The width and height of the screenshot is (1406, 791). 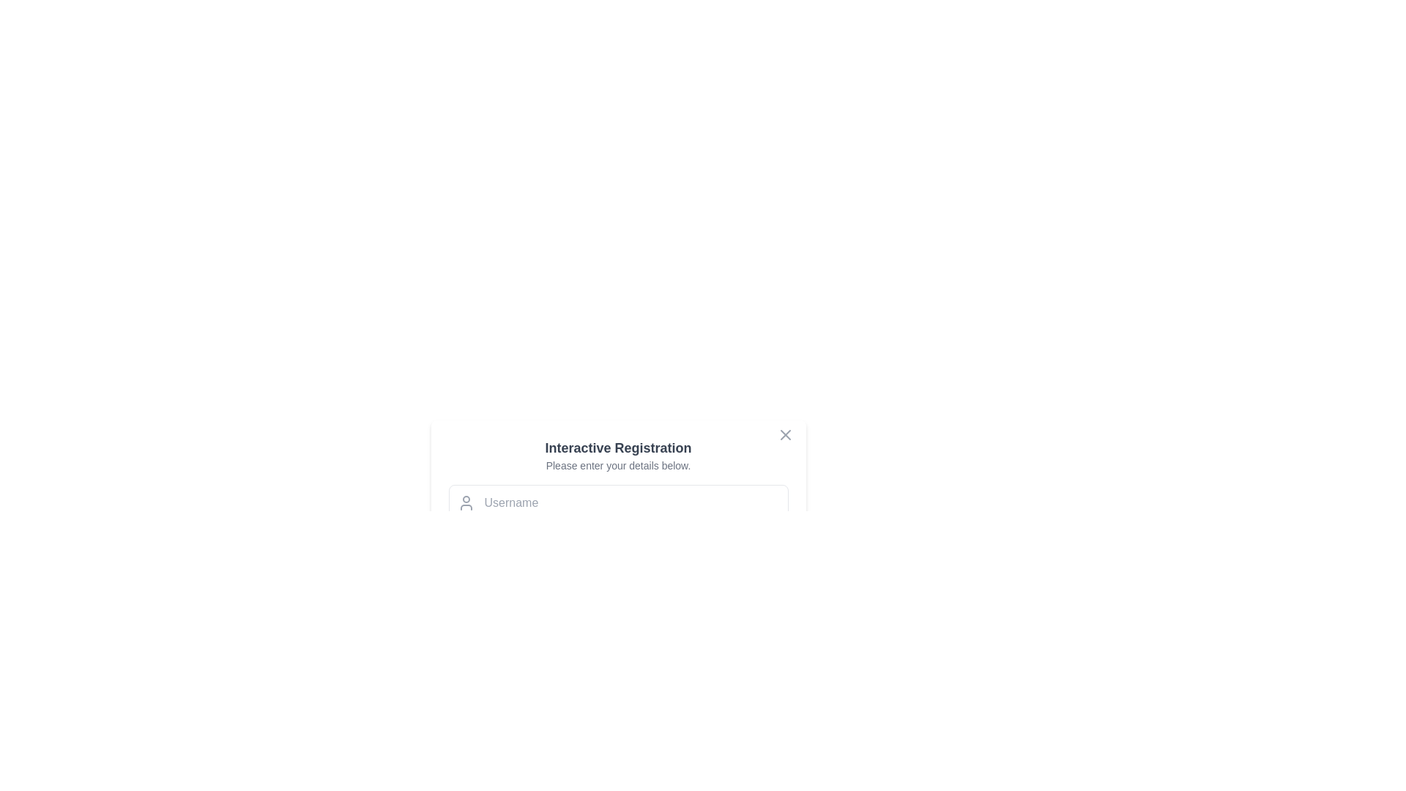 I want to click on the text label that says 'Interactive Registration', which is styled in bold dark gray and located at the top of the form interface, so click(x=618, y=448).